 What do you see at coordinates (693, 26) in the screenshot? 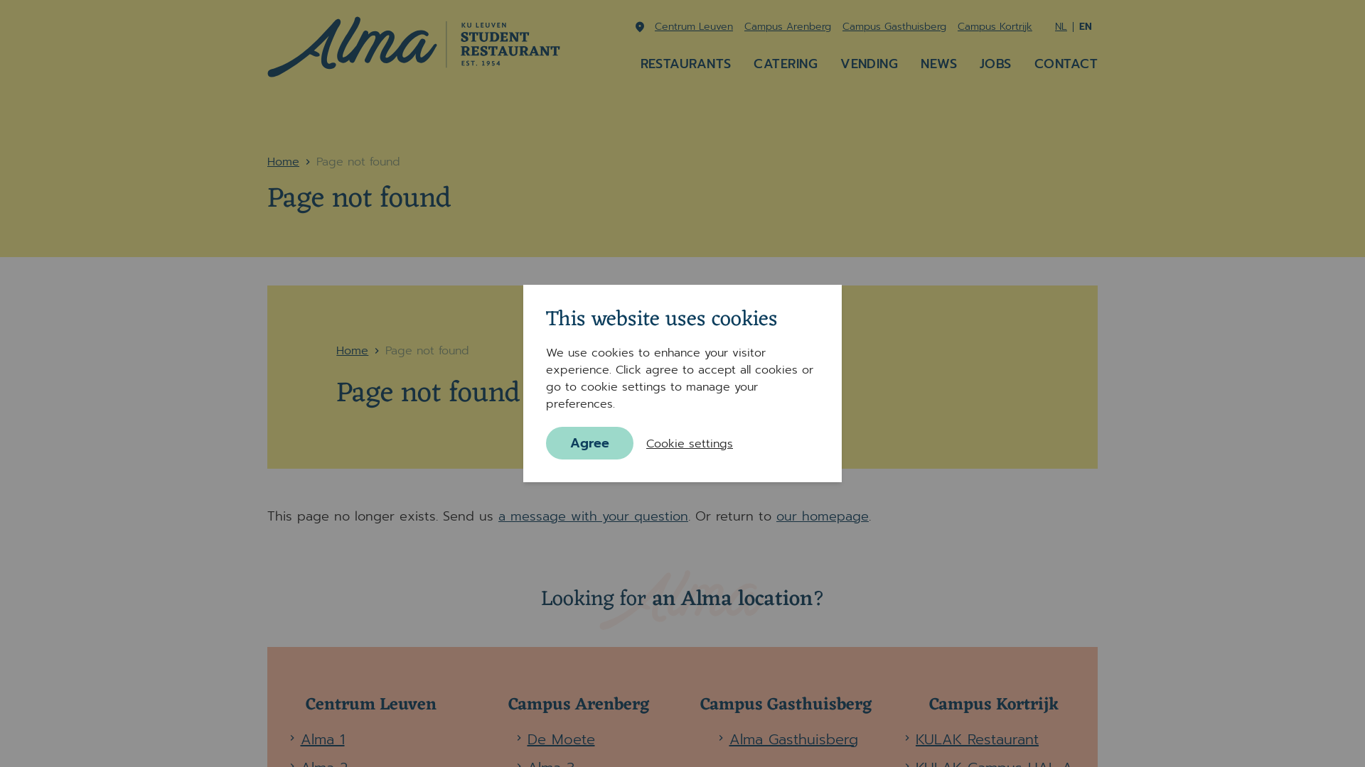
I see `'Centrum Leuven'` at bounding box center [693, 26].